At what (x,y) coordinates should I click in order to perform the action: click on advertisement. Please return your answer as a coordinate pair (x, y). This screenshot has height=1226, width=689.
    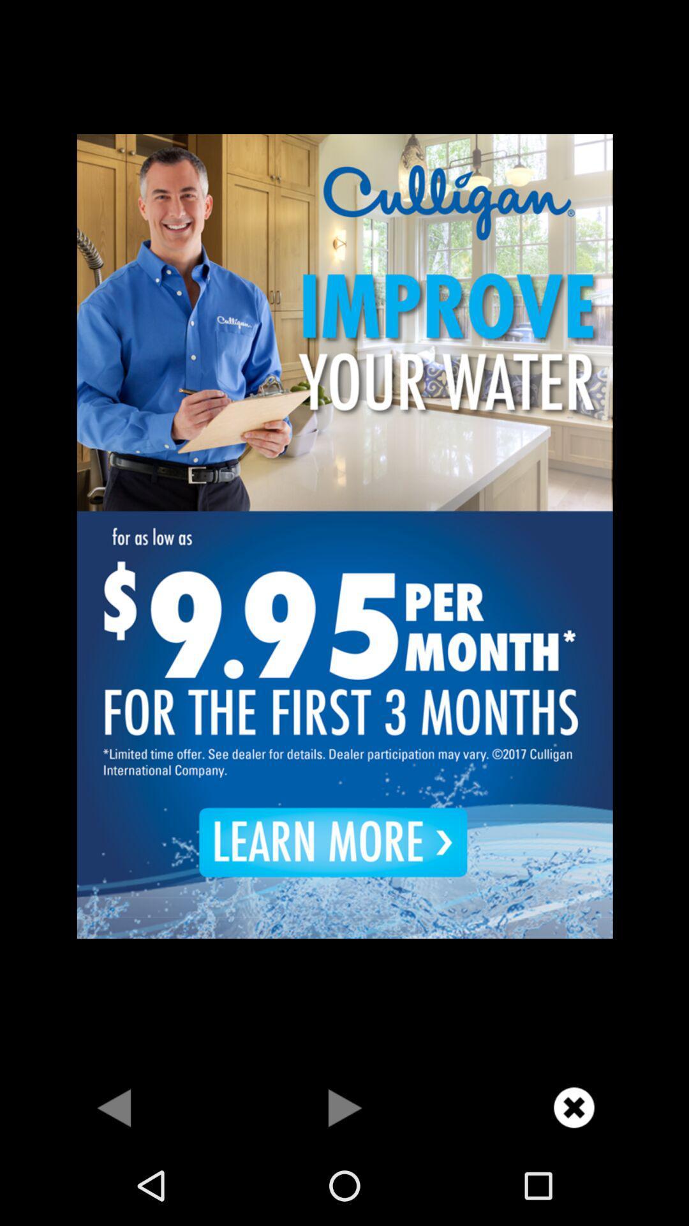
    Looking at the image, I should click on (344, 534).